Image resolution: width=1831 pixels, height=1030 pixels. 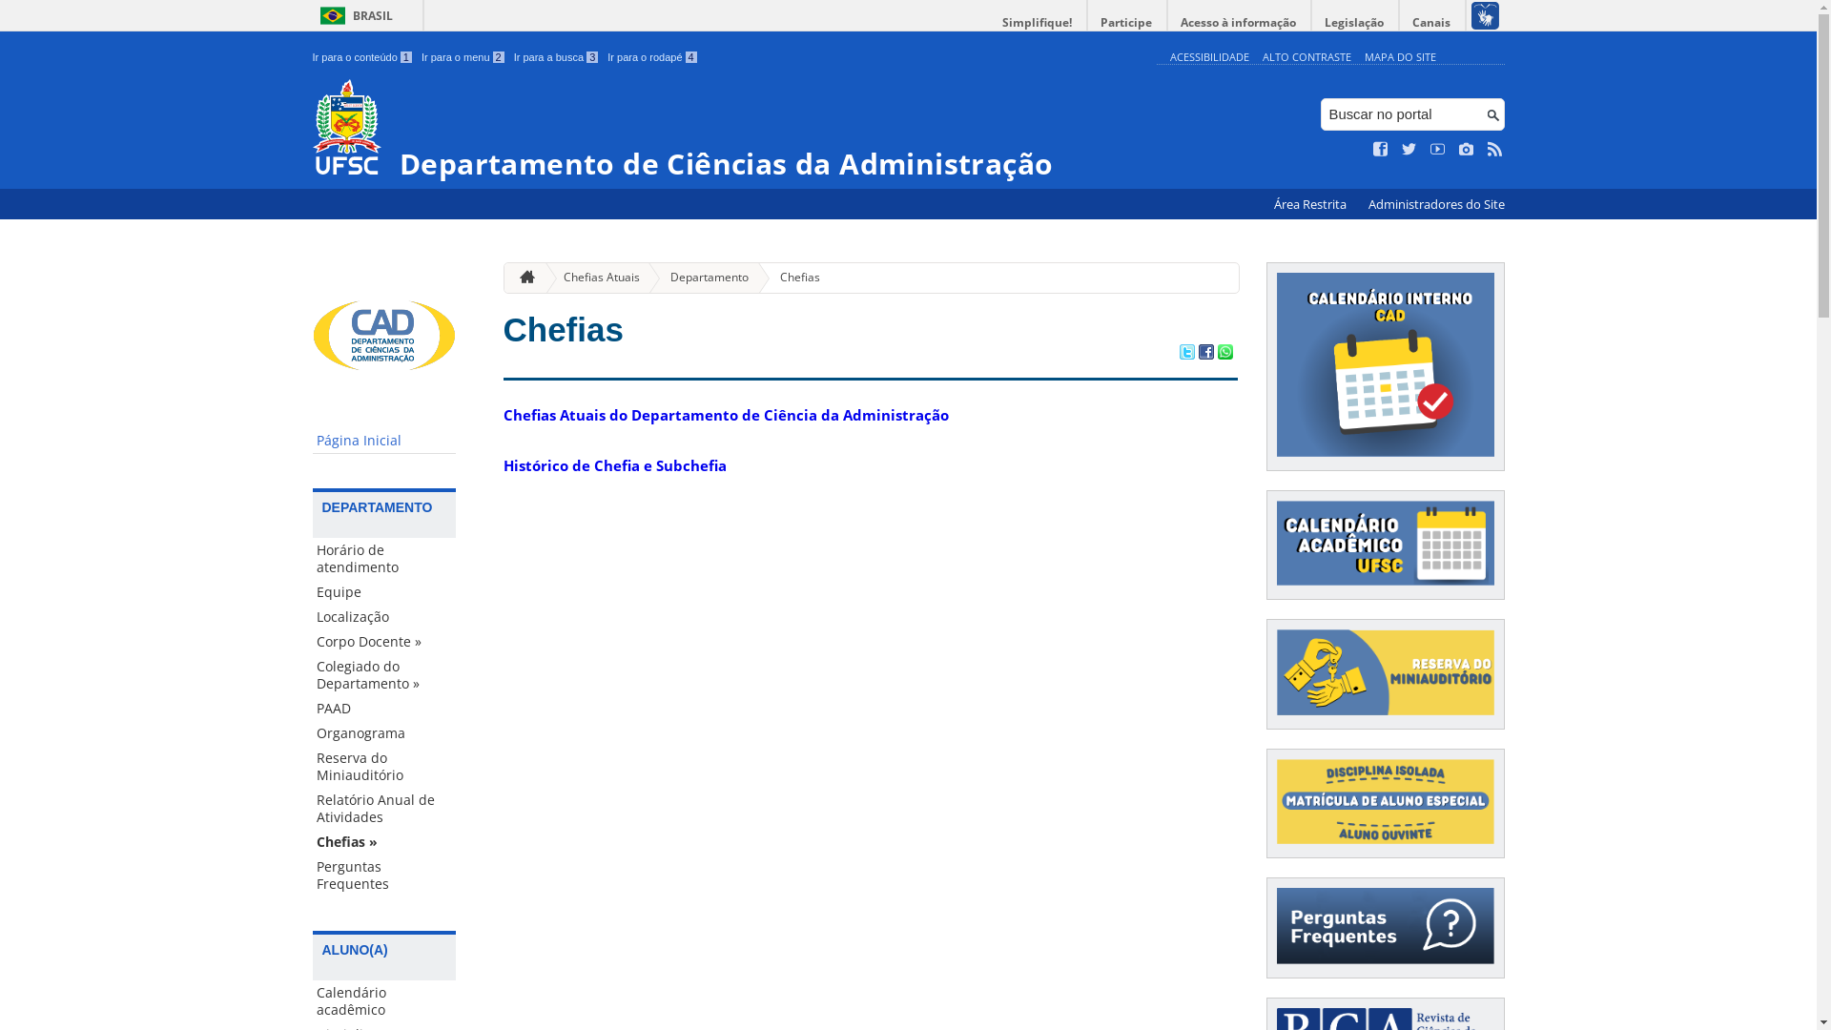 What do you see at coordinates (383, 709) in the screenshot?
I see `'PAAD'` at bounding box center [383, 709].